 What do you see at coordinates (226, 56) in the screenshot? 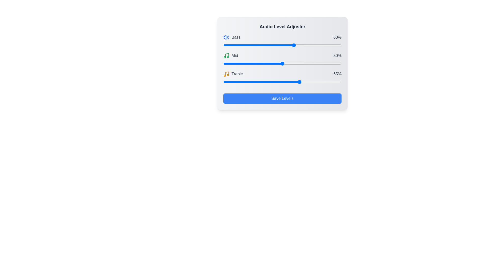
I see `the green music note icon located to the left of the 'Mid' text label, positioned near the center-left region of the UI layout` at bounding box center [226, 56].